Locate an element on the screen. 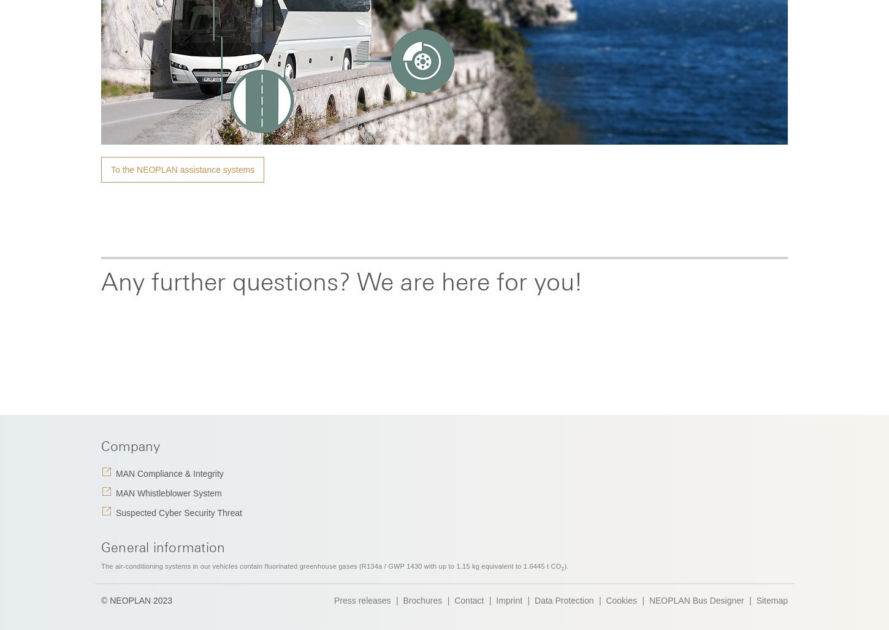  'Company' is located at coordinates (130, 446).